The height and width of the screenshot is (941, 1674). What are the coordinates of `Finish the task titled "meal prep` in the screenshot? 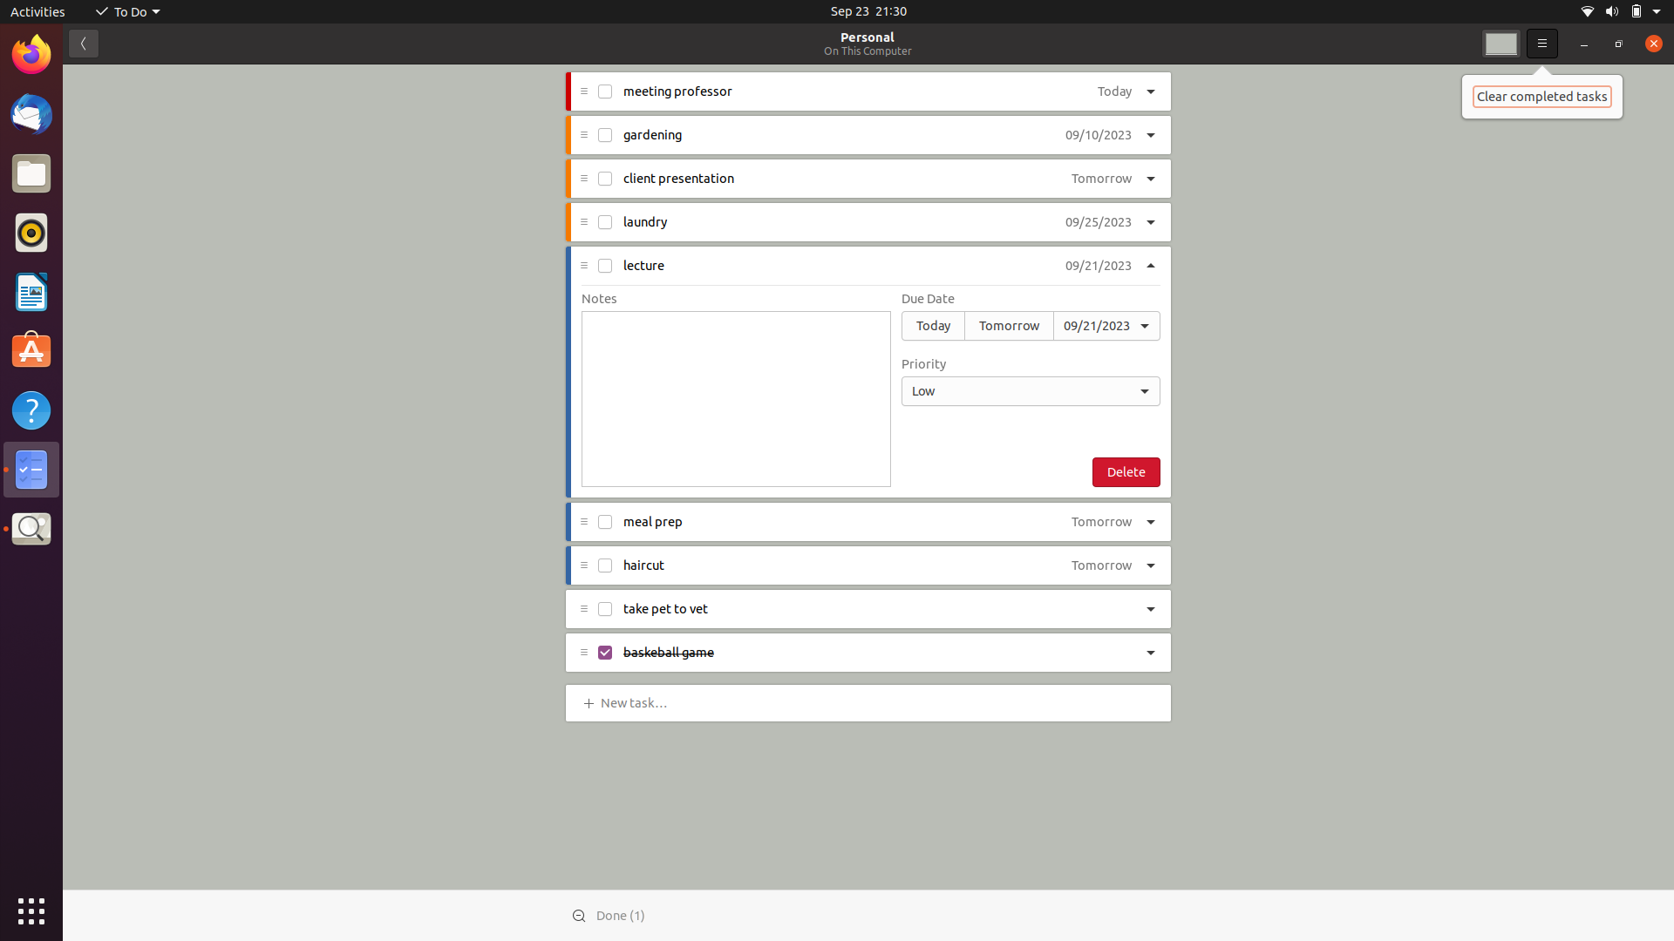 It's located at (605, 523).